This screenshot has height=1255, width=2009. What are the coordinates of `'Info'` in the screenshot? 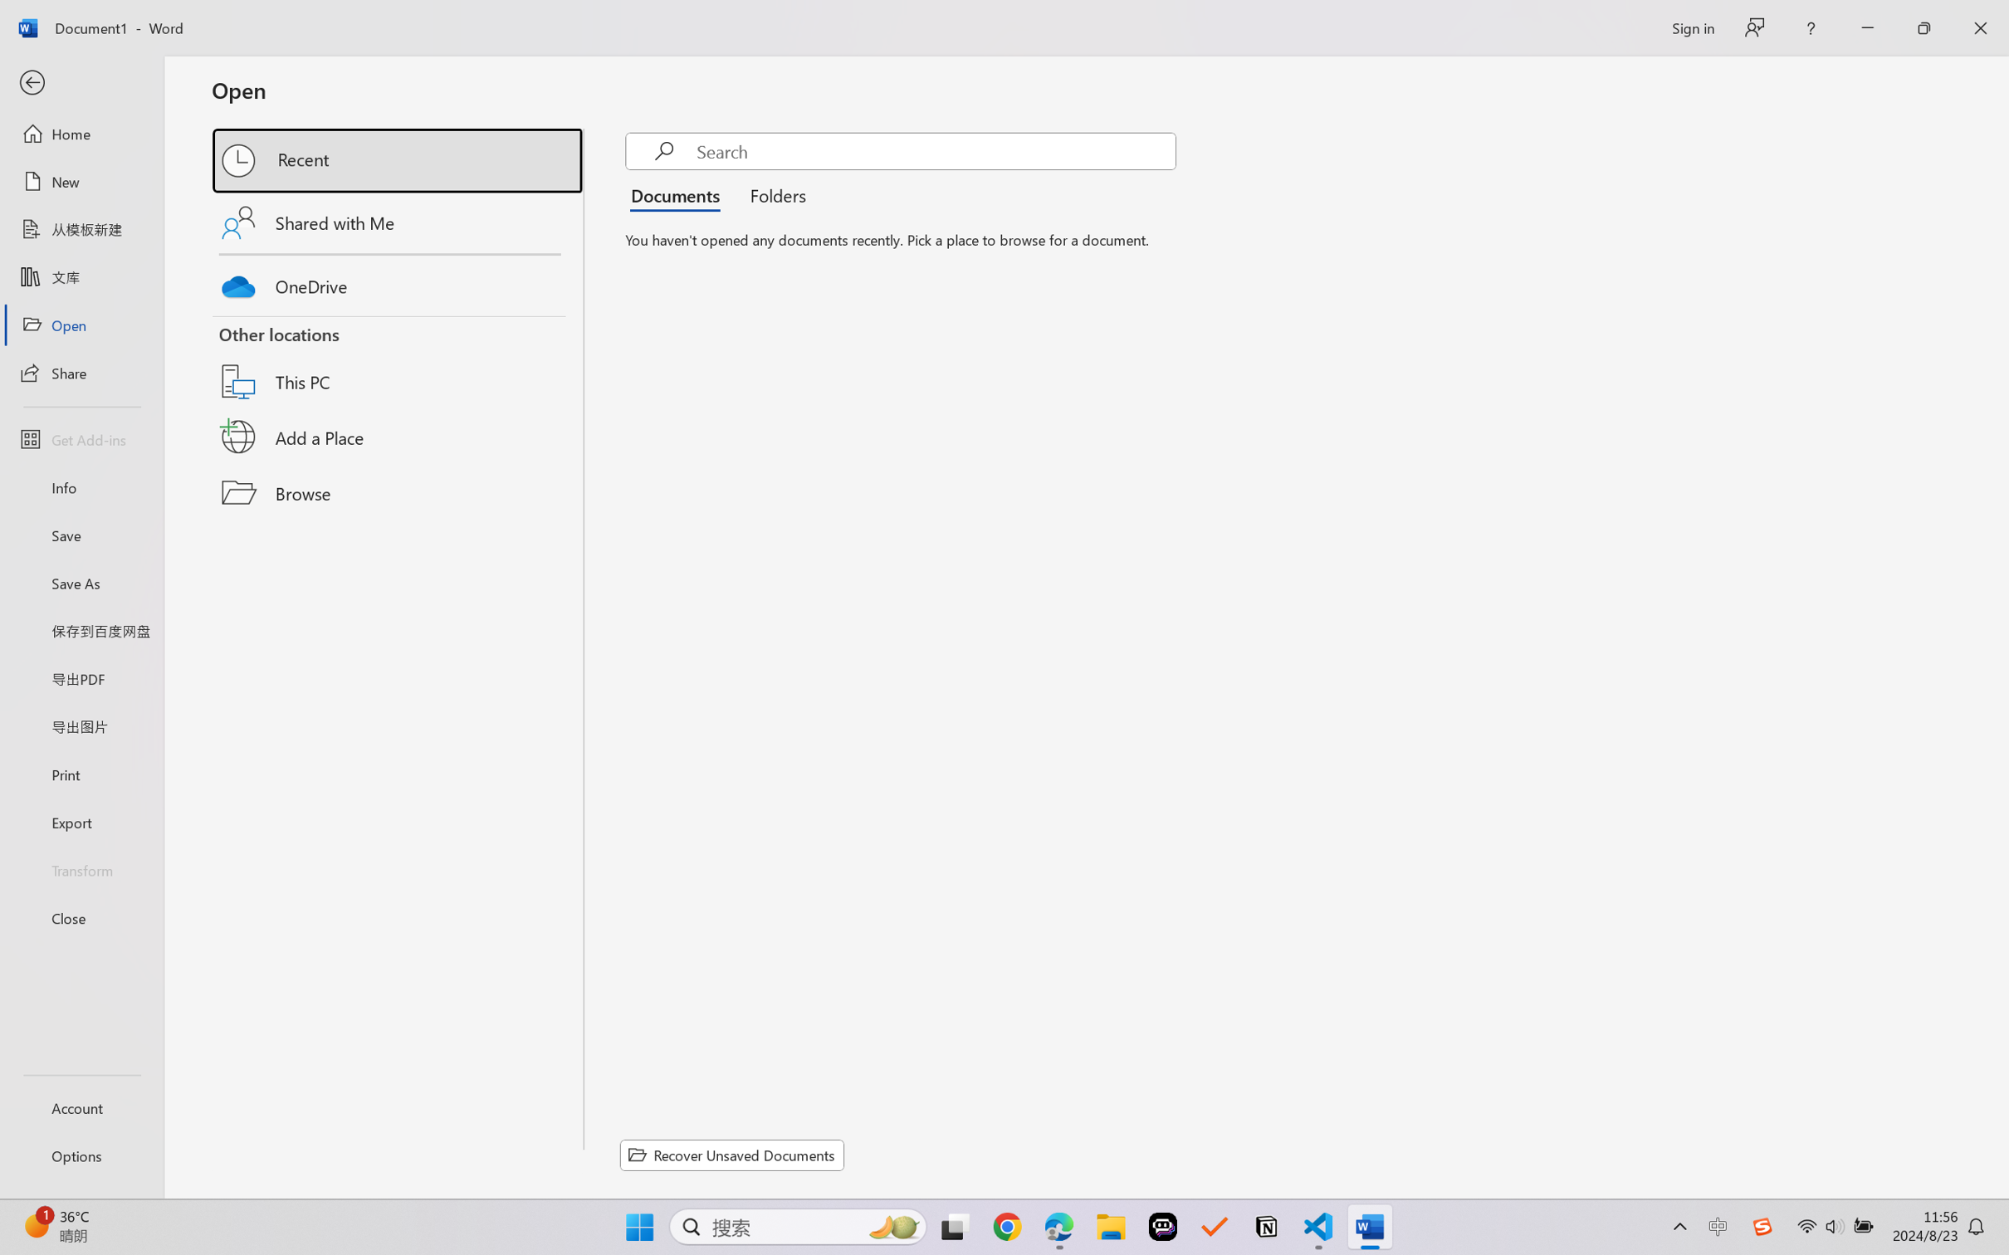 It's located at (81, 486).